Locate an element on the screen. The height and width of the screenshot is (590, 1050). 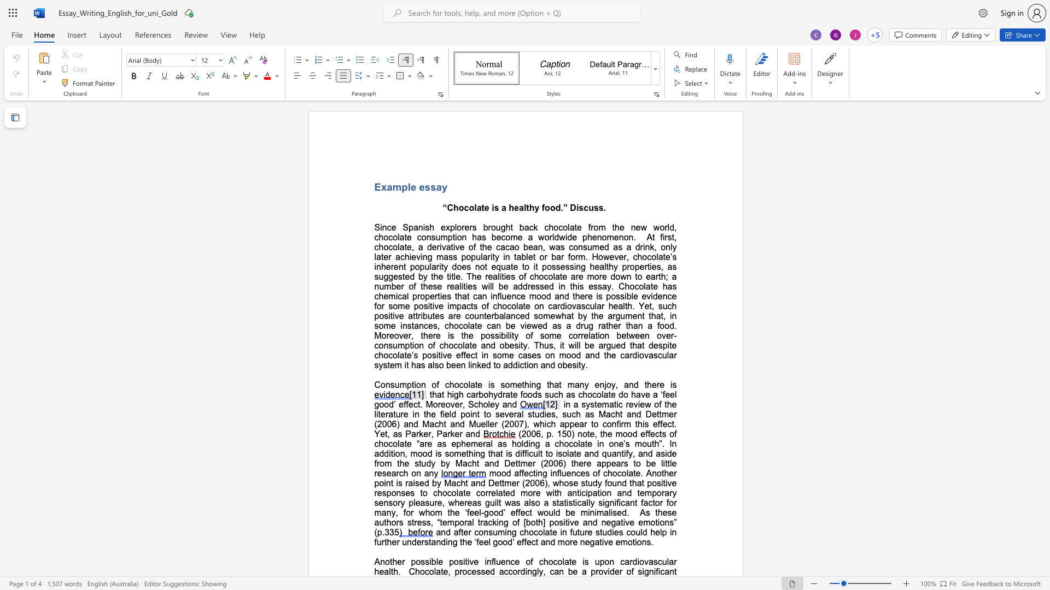
the space between the continuous character "d" and "." in the text is located at coordinates (560, 208).